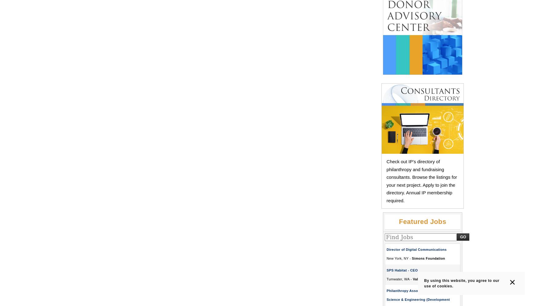 Image resolution: width=534 pixels, height=306 pixels. I want to click on 'By using this website, you agree to our use of cookies.', so click(461, 283).